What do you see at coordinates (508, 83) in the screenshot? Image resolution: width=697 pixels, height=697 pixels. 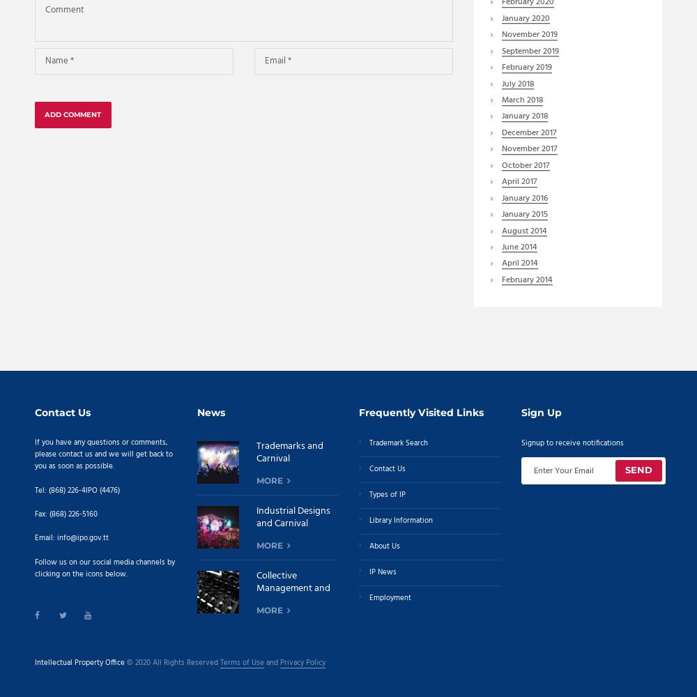 I see `'July'` at bounding box center [508, 83].